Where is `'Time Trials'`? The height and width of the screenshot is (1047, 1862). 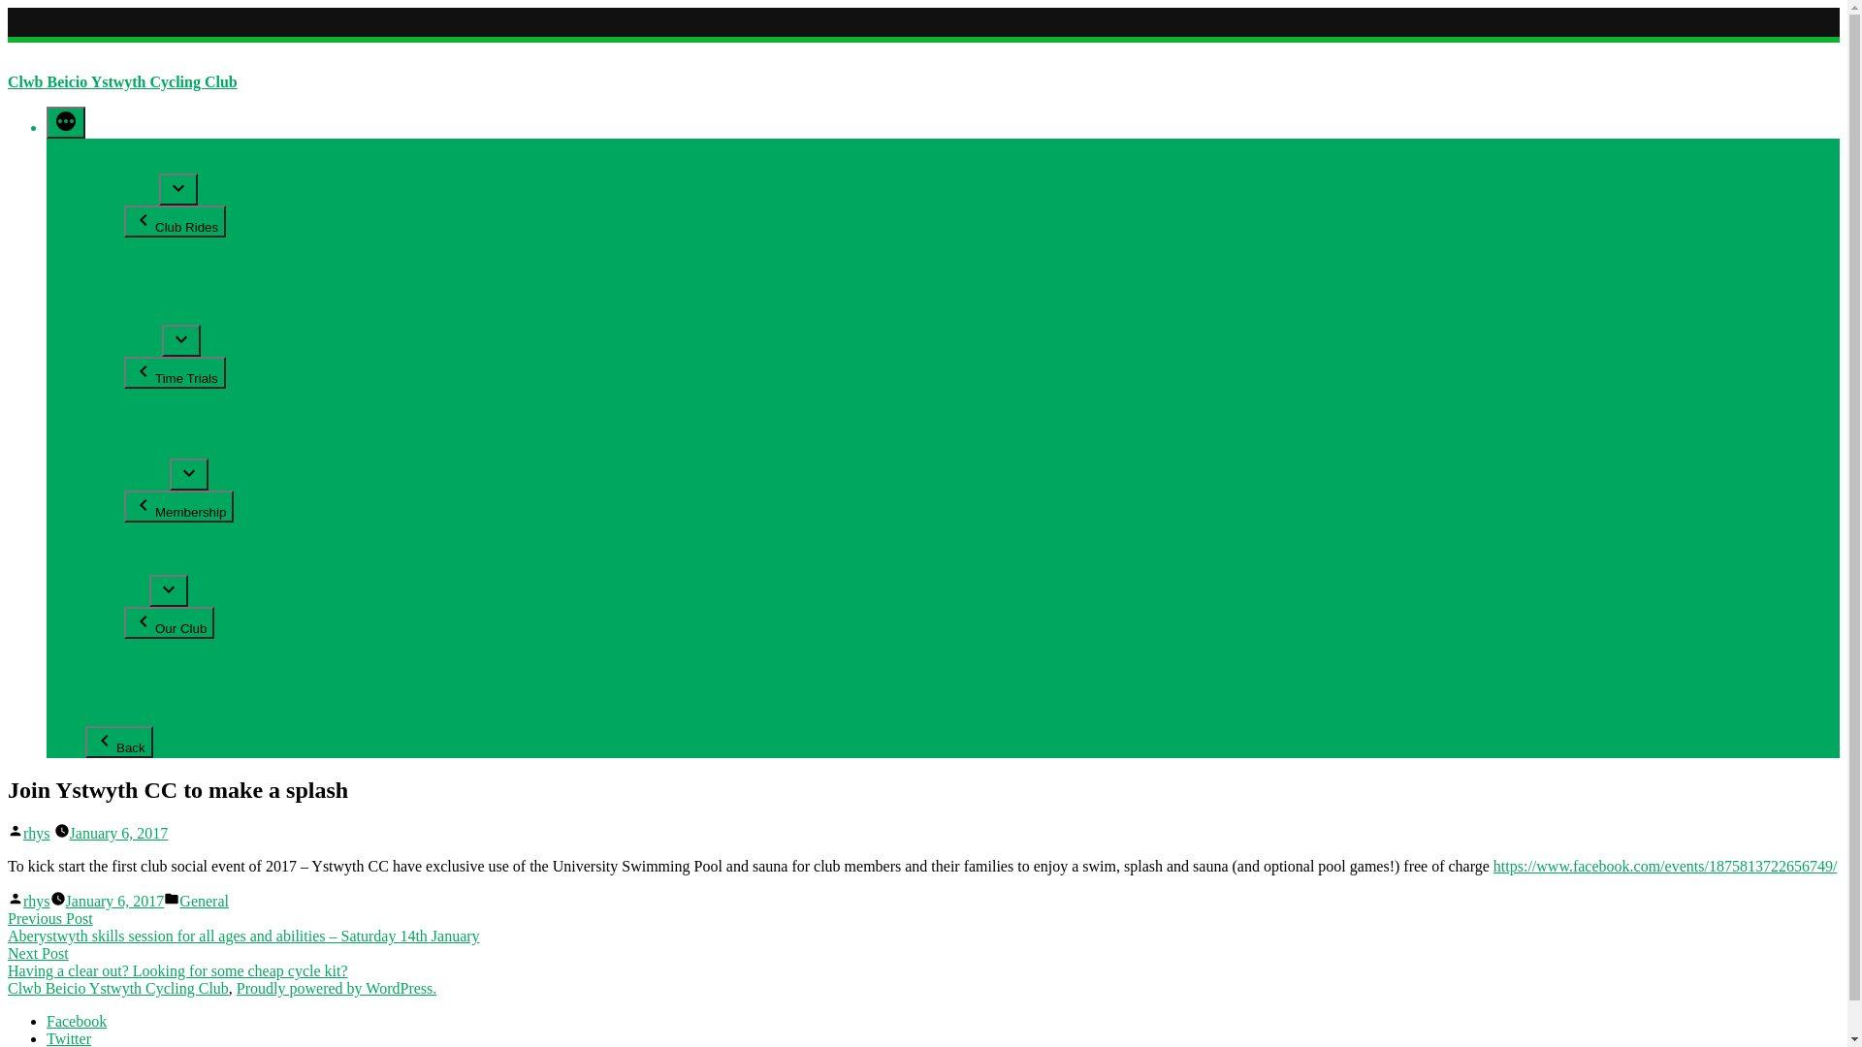
'Time Trials' is located at coordinates (175, 372).